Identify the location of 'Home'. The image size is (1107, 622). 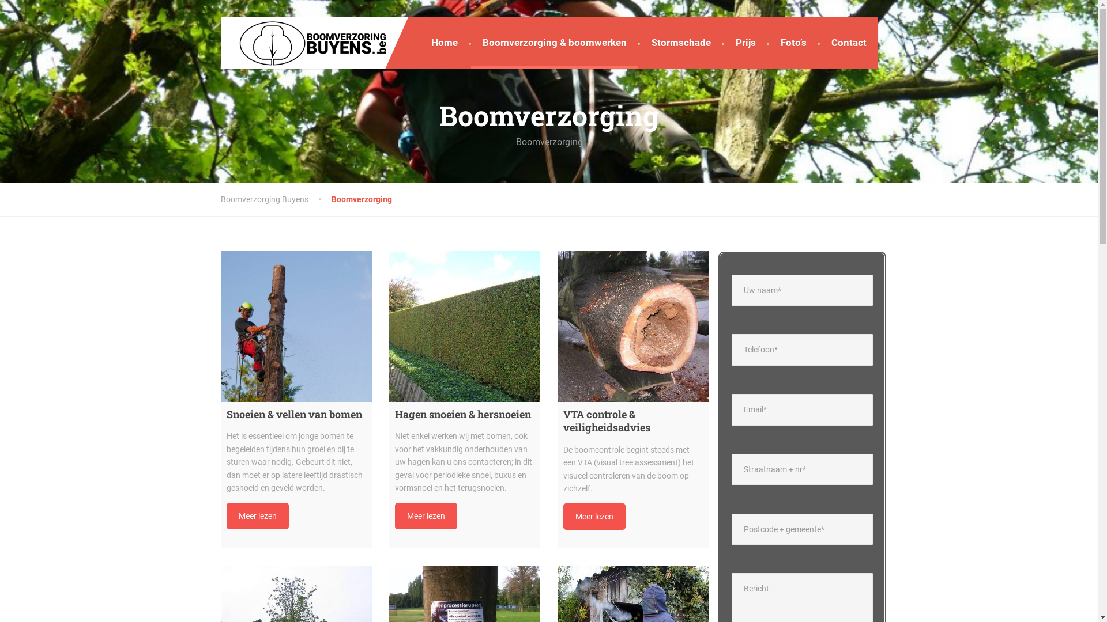
(444, 42).